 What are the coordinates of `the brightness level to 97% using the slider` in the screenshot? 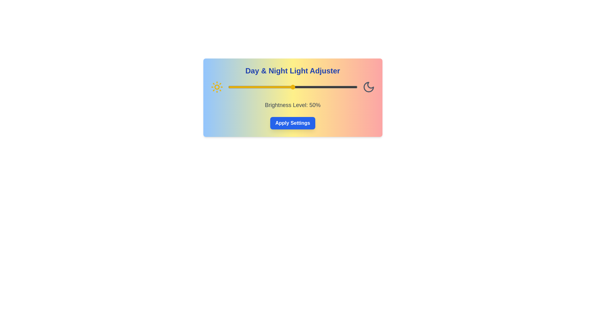 It's located at (354, 87).